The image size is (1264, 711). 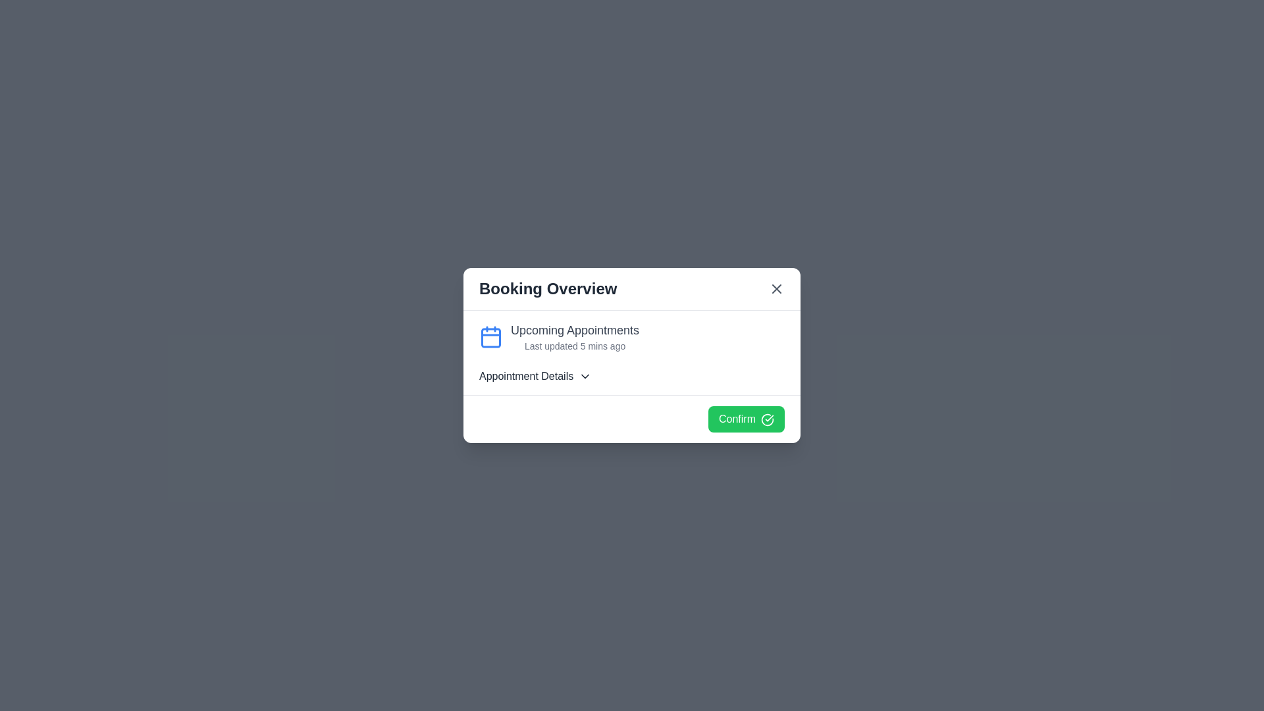 I want to click on the 'Booking Overview' header section, so click(x=632, y=288).